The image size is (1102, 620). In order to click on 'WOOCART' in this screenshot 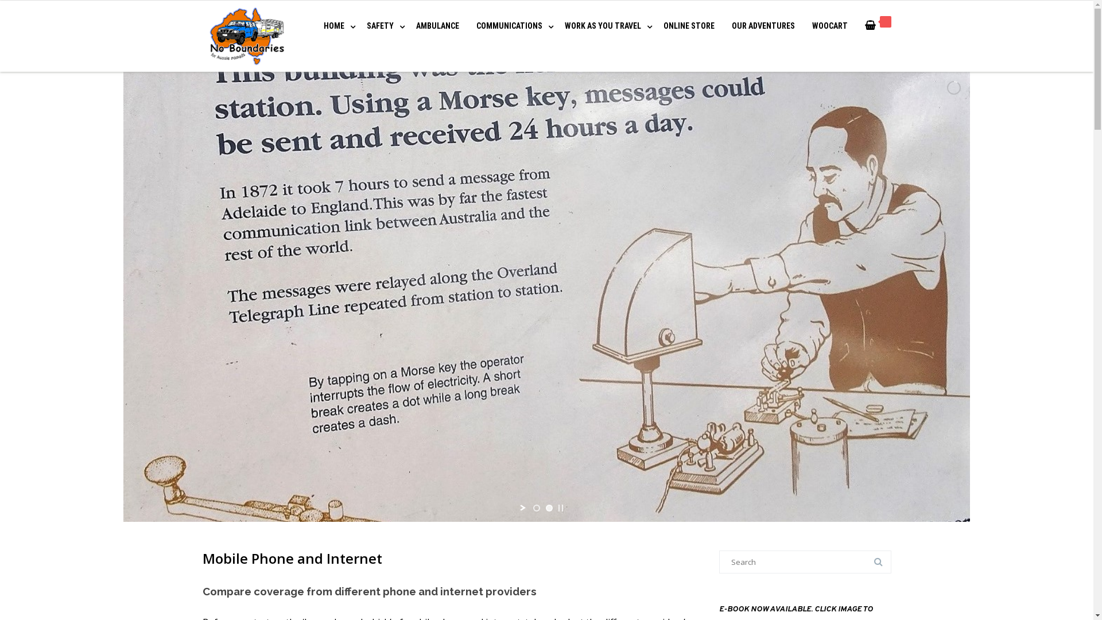, I will do `click(829, 26)`.